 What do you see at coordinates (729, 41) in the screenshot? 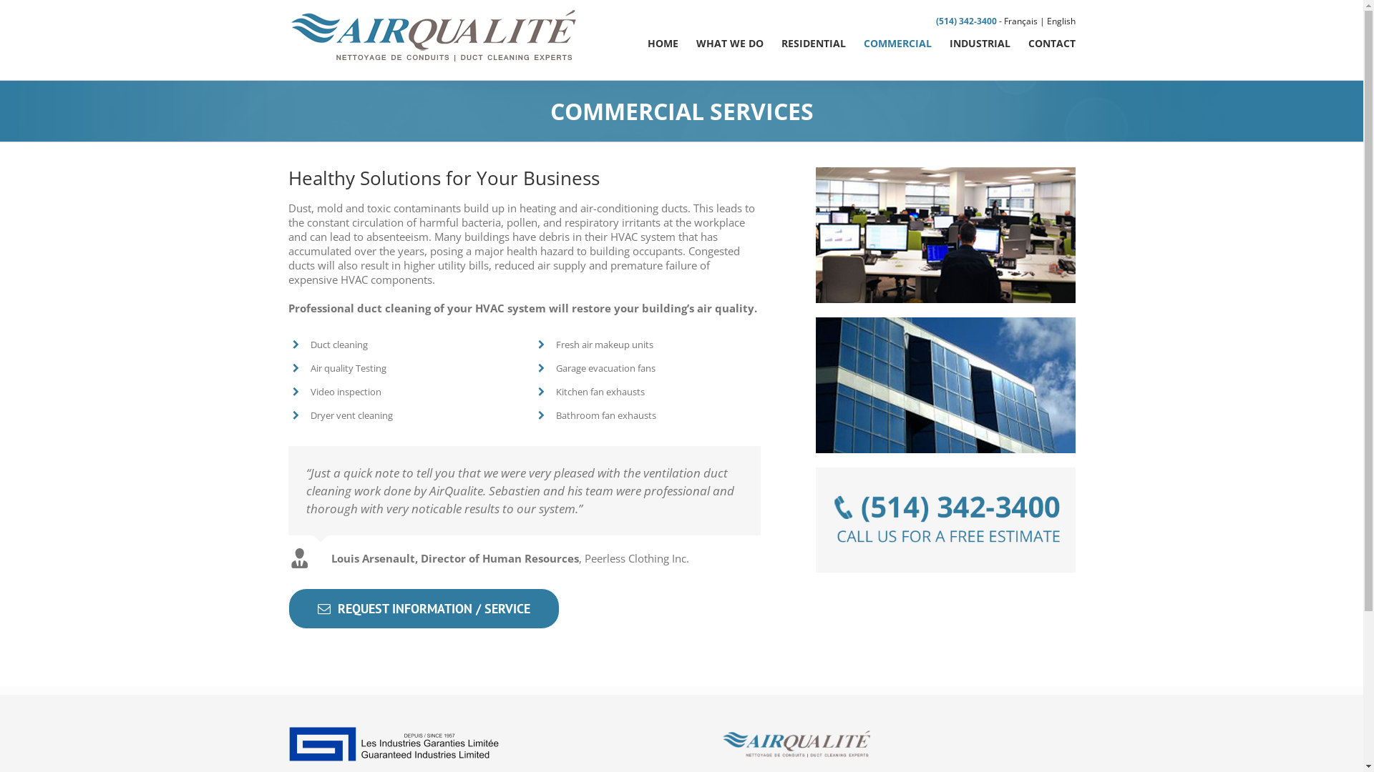
I see `'WHAT WE DO'` at bounding box center [729, 41].